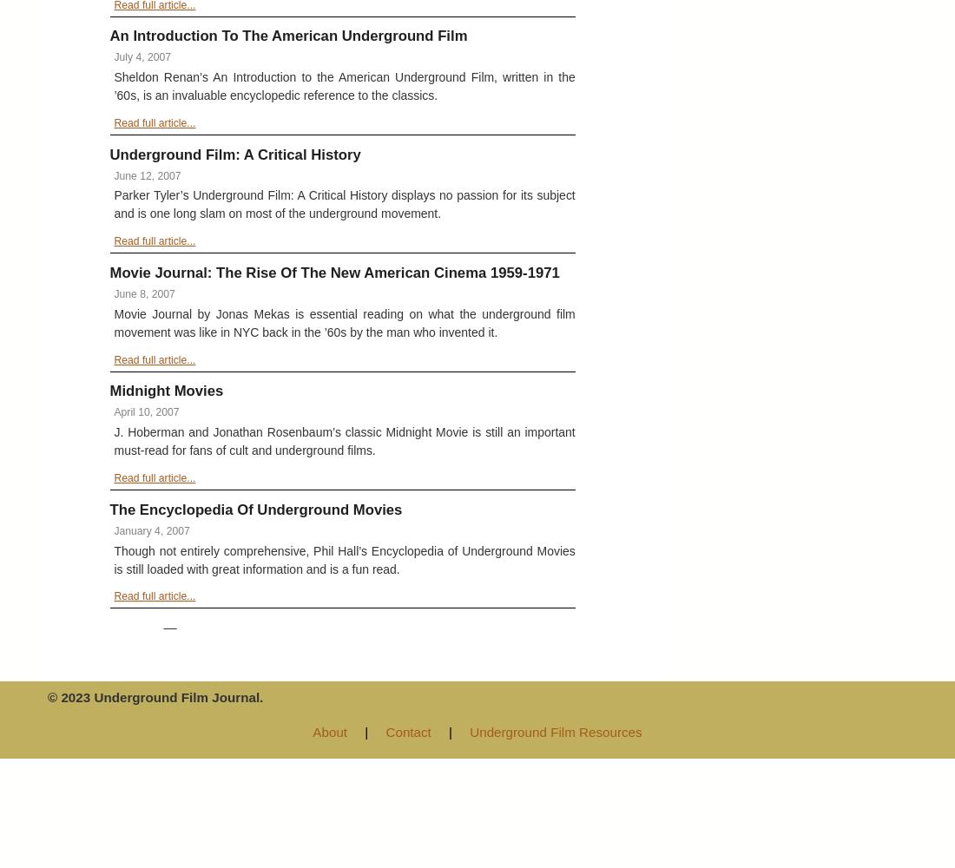 This screenshot has width=955, height=868. Describe the element at coordinates (150, 529) in the screenshot. I see `'January 4, 2007'` at that location.